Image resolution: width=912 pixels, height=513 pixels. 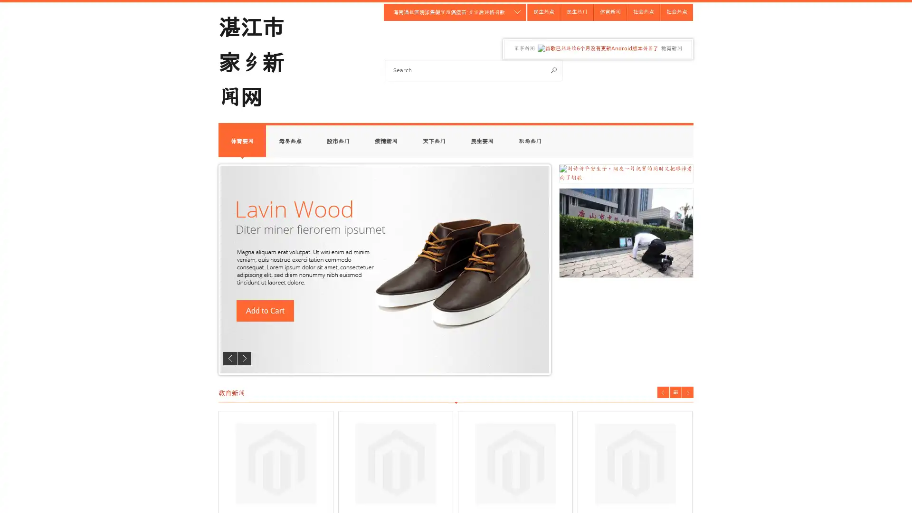 I want to click on Search, so click(x=554, y=69).